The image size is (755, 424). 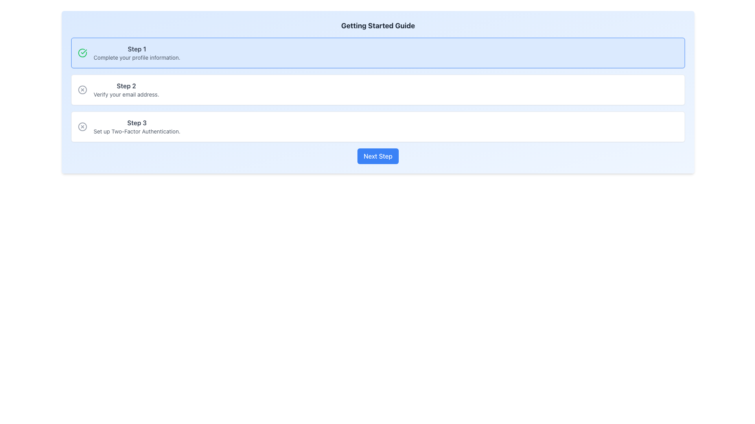 What do you see at coordinates (126, 89) in the screenshot?
I see `the instructional header and subheading for Step 2 in the verification process, located in the center-left of the second step panel` at bounding box center [126, 89].